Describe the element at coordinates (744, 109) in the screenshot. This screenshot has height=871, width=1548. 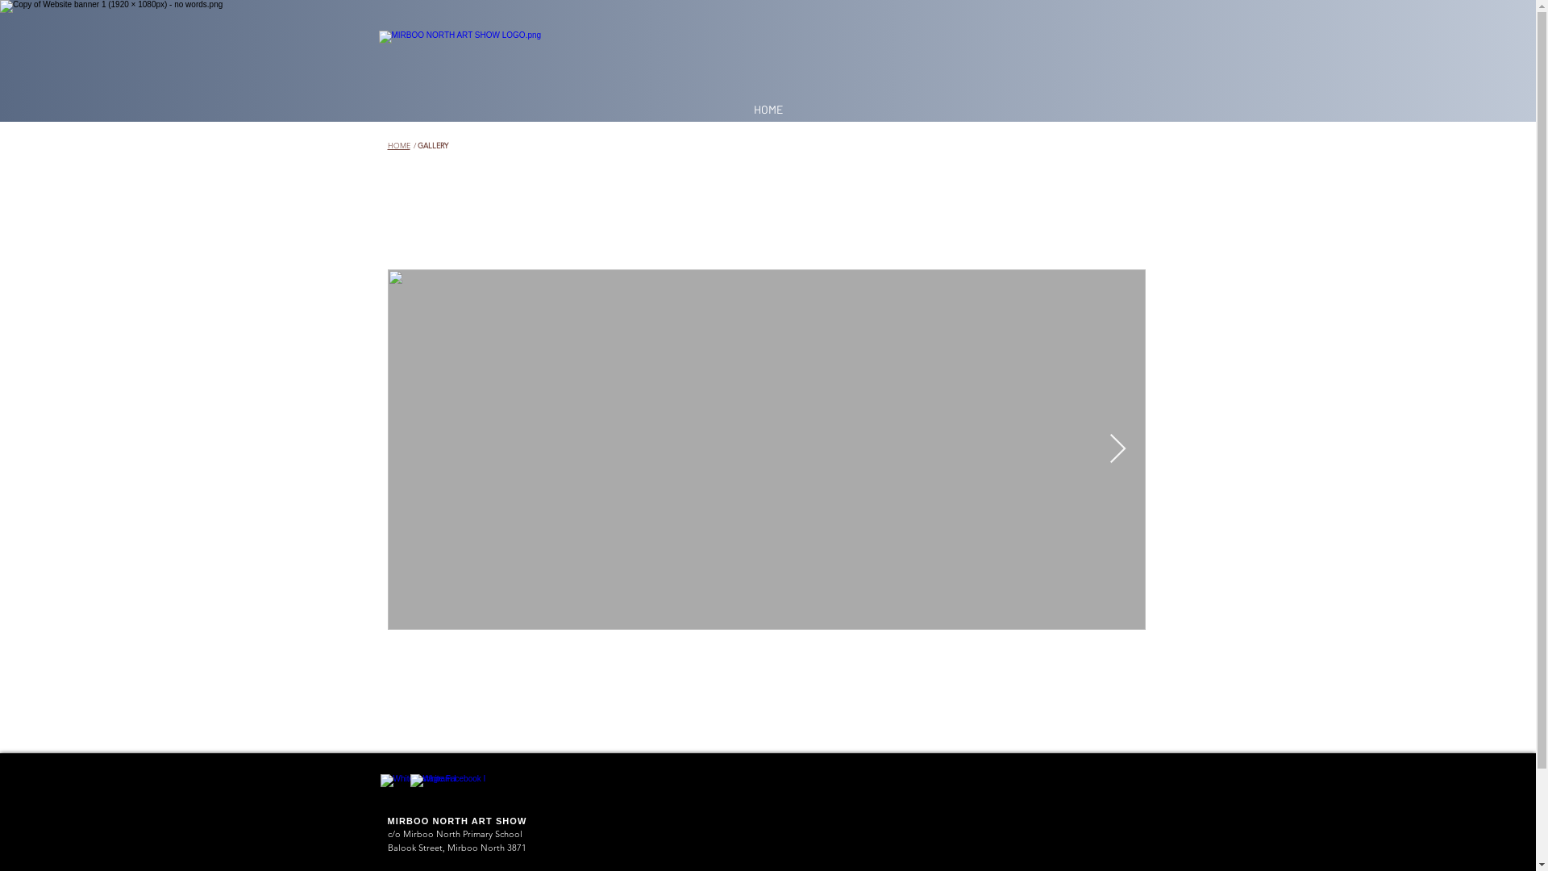
I see `'HOME'` at that location.